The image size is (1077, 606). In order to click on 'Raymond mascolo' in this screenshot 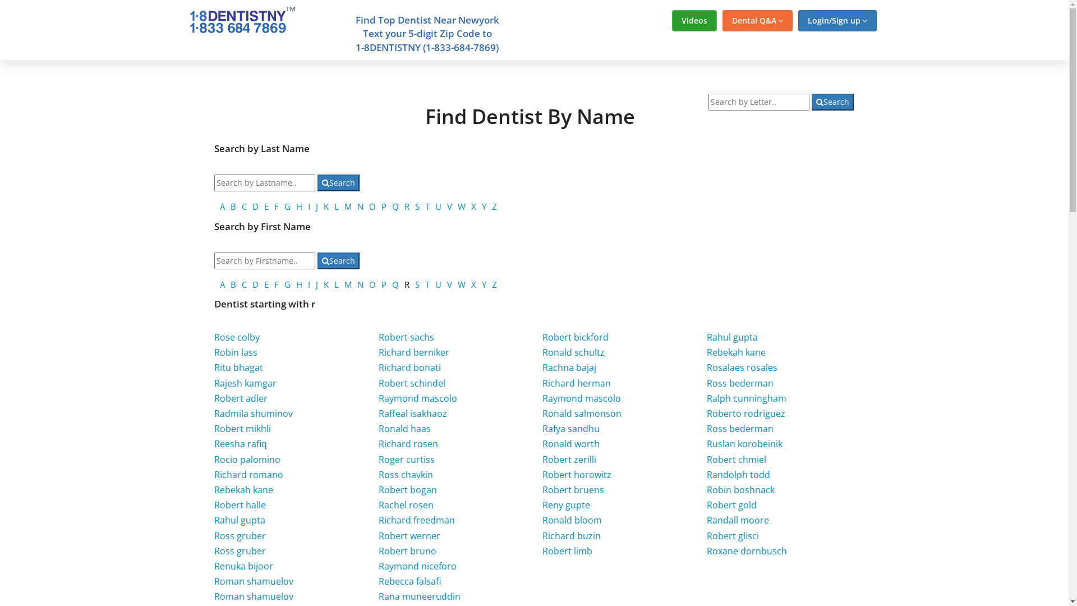, I will do `click(379, 397)`.